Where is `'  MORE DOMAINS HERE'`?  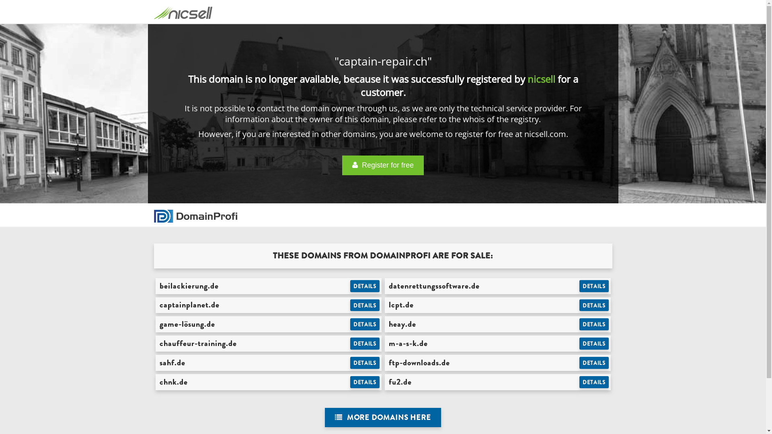
'  MORE DOMAINS HERE' is located at coordinates (382, 417).